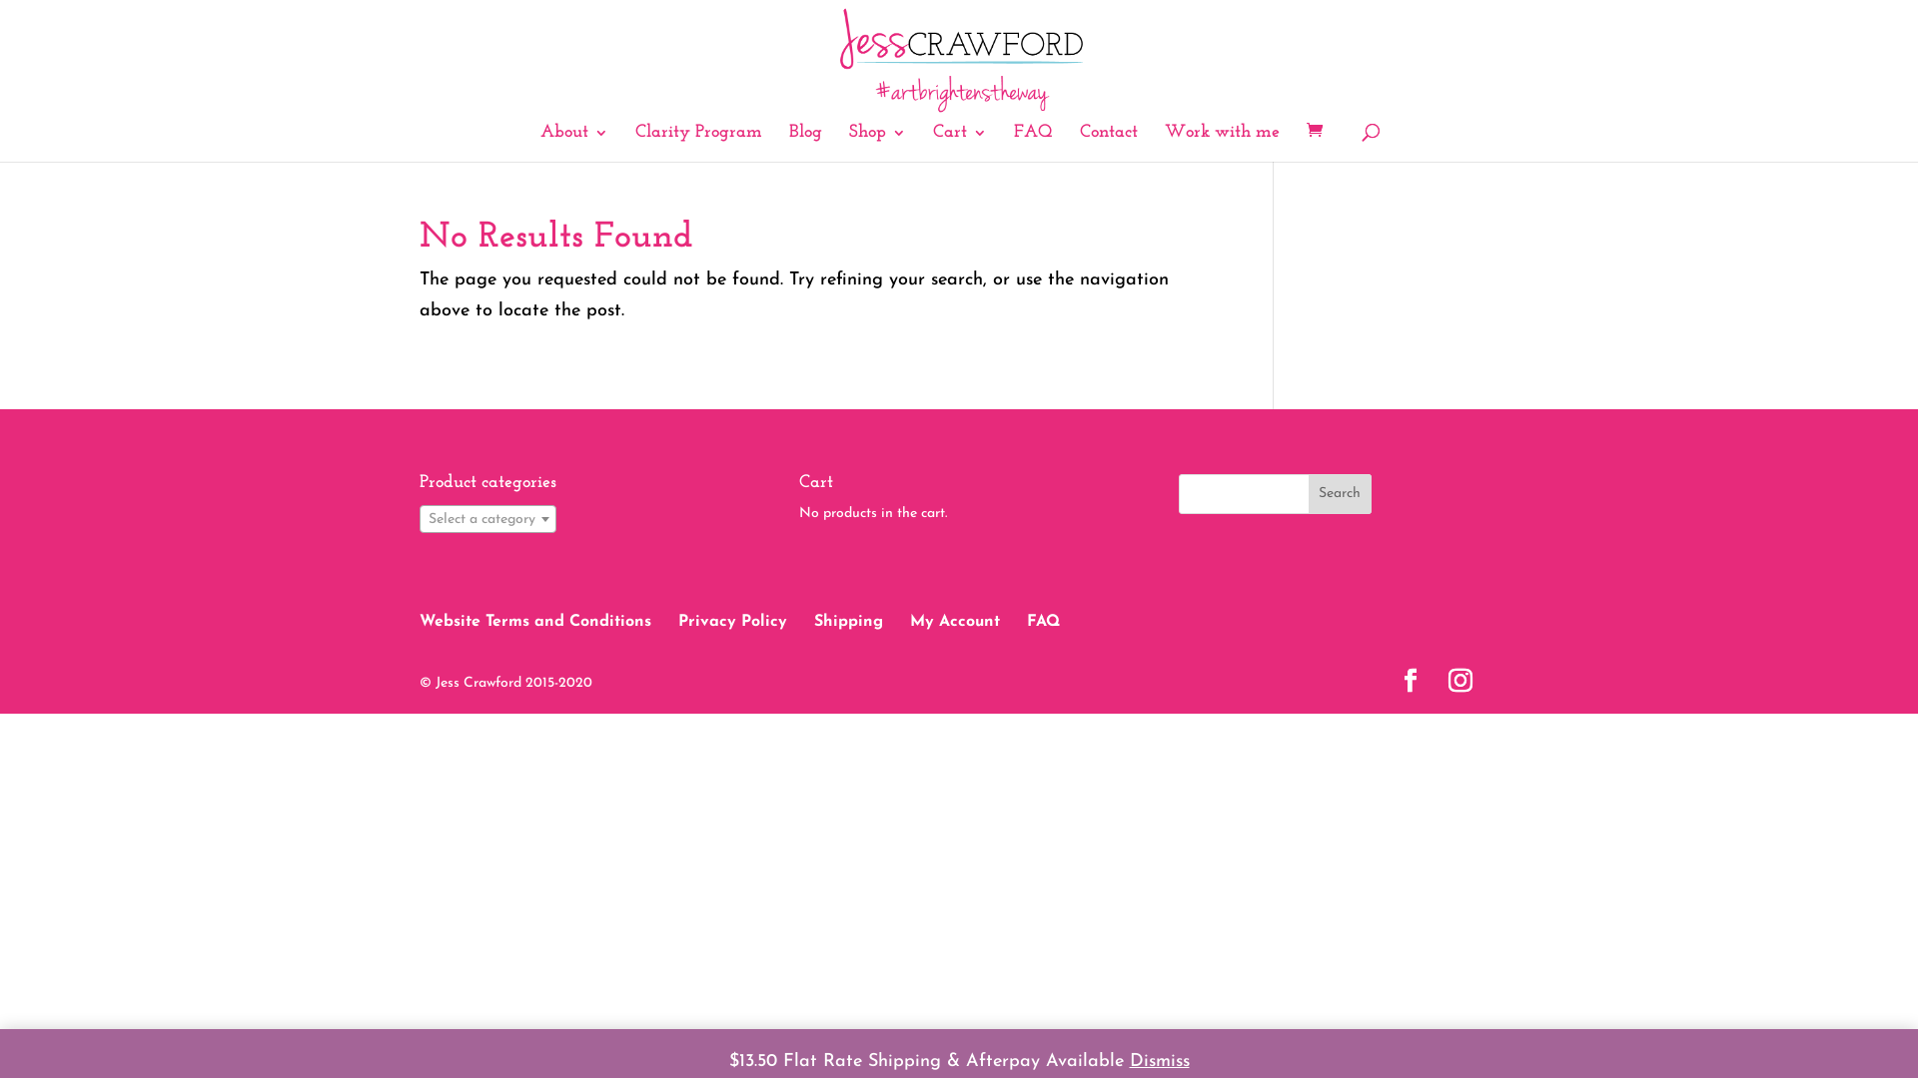 This screenshot has height=1078, width=1918. What do you see at coordinates (1341, 493) in the screenshot?
I see `'Search'` at bounding box center [1341, 493].